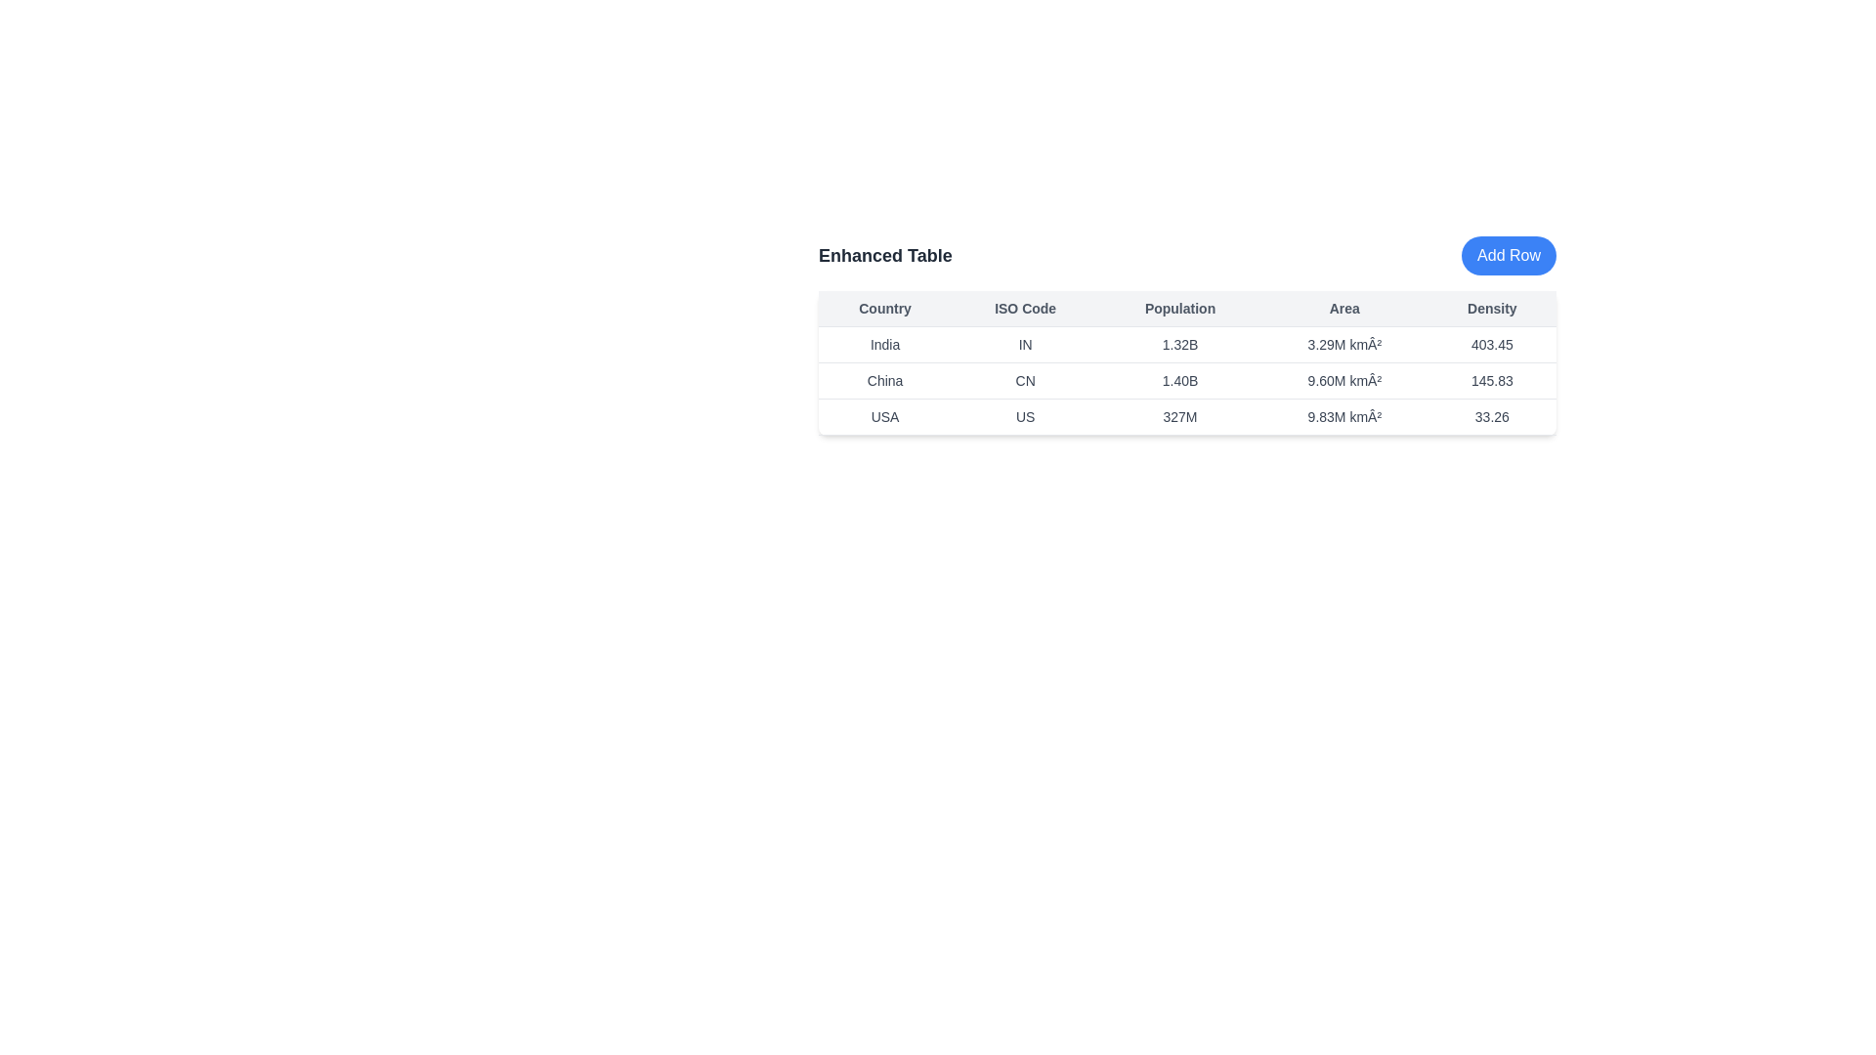  Describe the element at coordinates (1179, 380) in the screenshot. I see `the text displaying '1.40B' in the Population column of the table for the China row` at that location.